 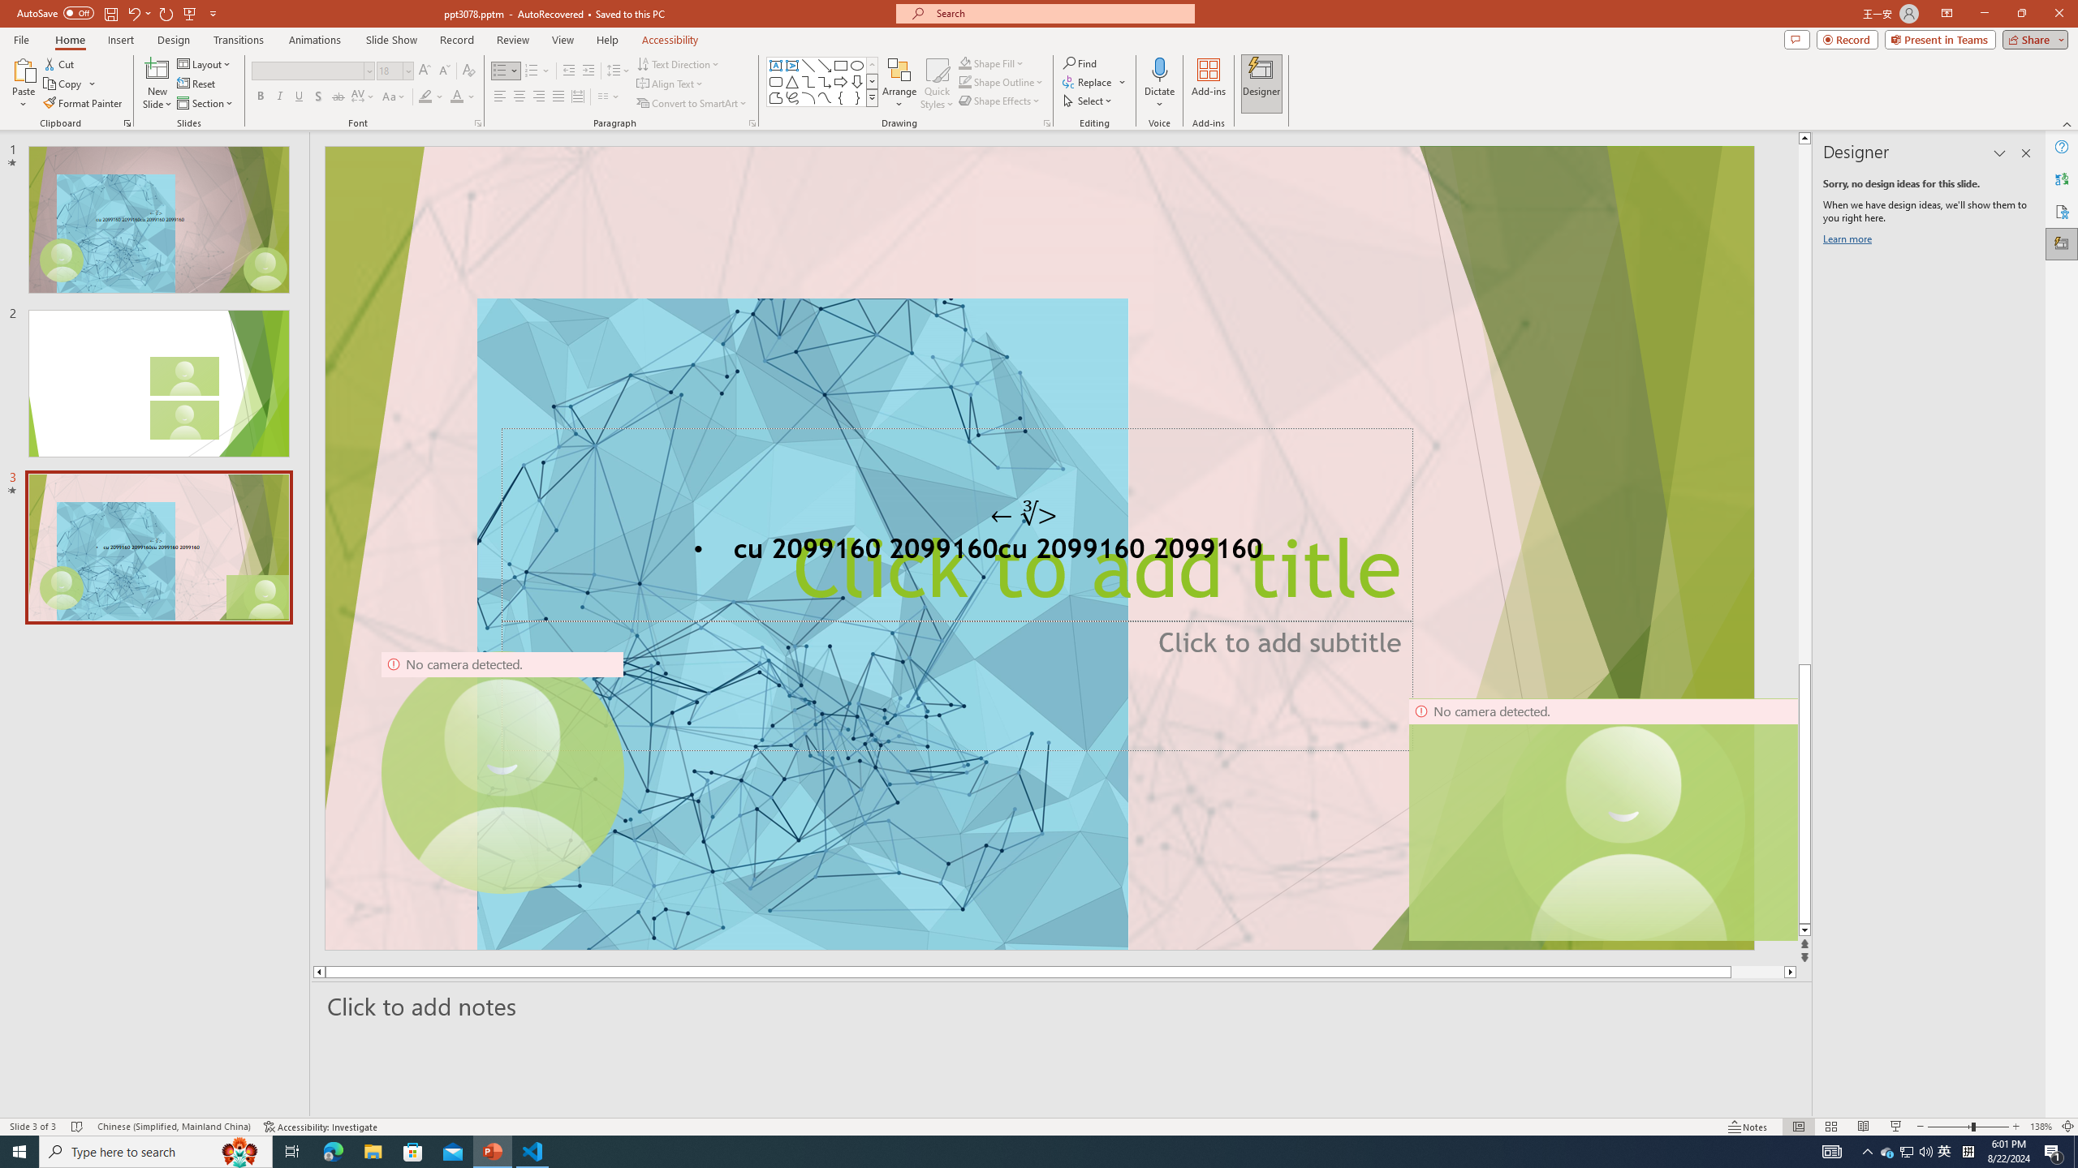 What do you see at coordinates (1037, 551) in the screenshot?
I see `'TextBox 61'` at bounding box center [1037, 551].